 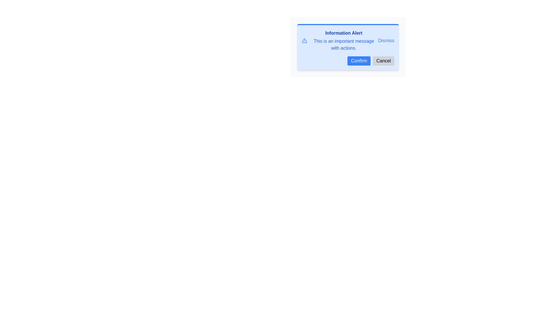 What do you see at coordinates (359, 61) in the screenshot?
I see `the blue 'Confirm' button with rounded corners located in the bottom-right corner of the modal dialog to observe the hover effect` at bounding box center [359, 61].